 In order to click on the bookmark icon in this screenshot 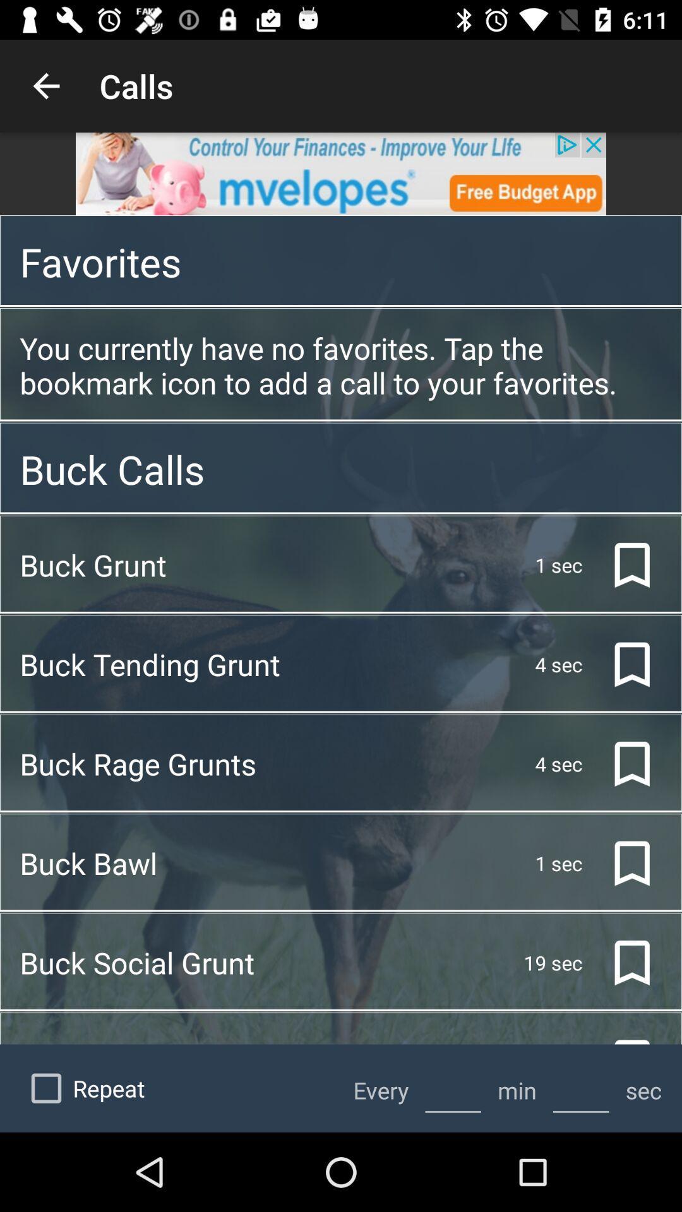, I will do `click(621, 763)`.